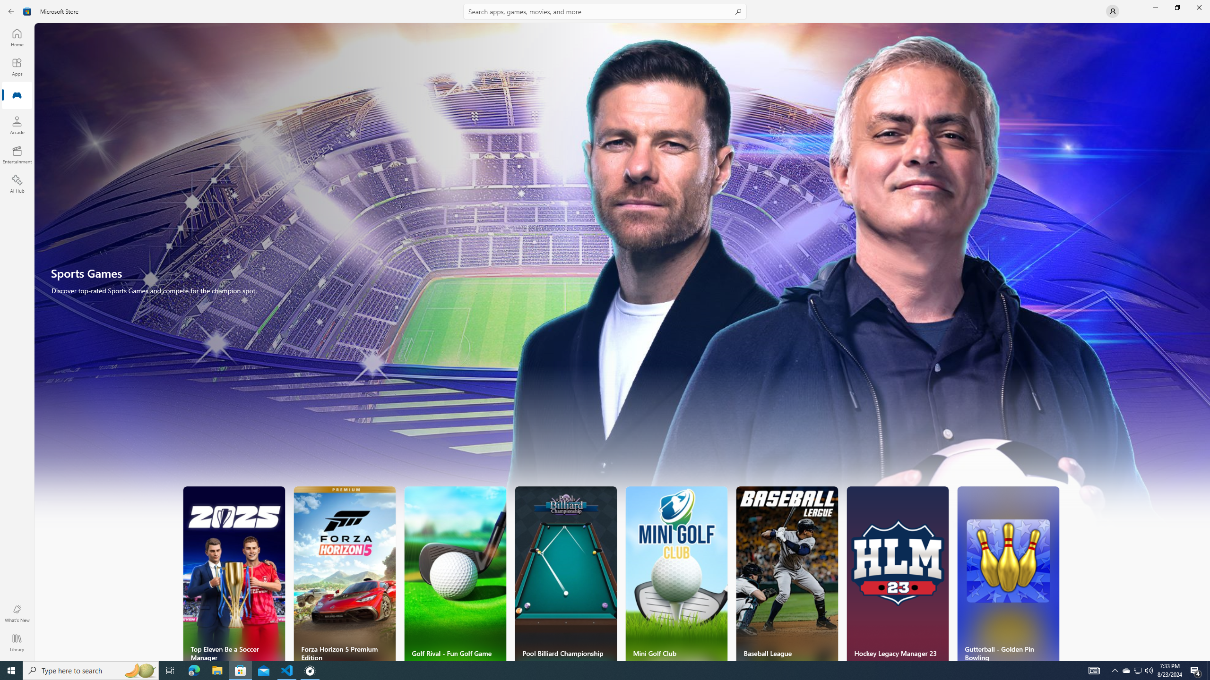  I want to click on 'AutomationID: HeroImage', so click(622, 280).